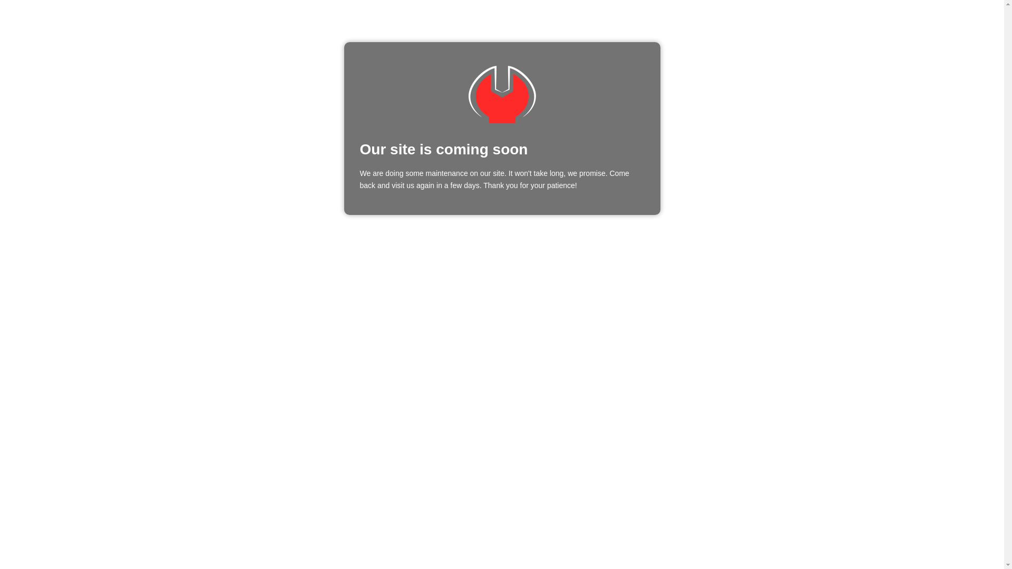 This screenshot has width=1012, height=569. What do you see at coordinates (501, 94) in the screenshot?
I see `'Design for Wellbeing'` at bounding box center [501, 94].